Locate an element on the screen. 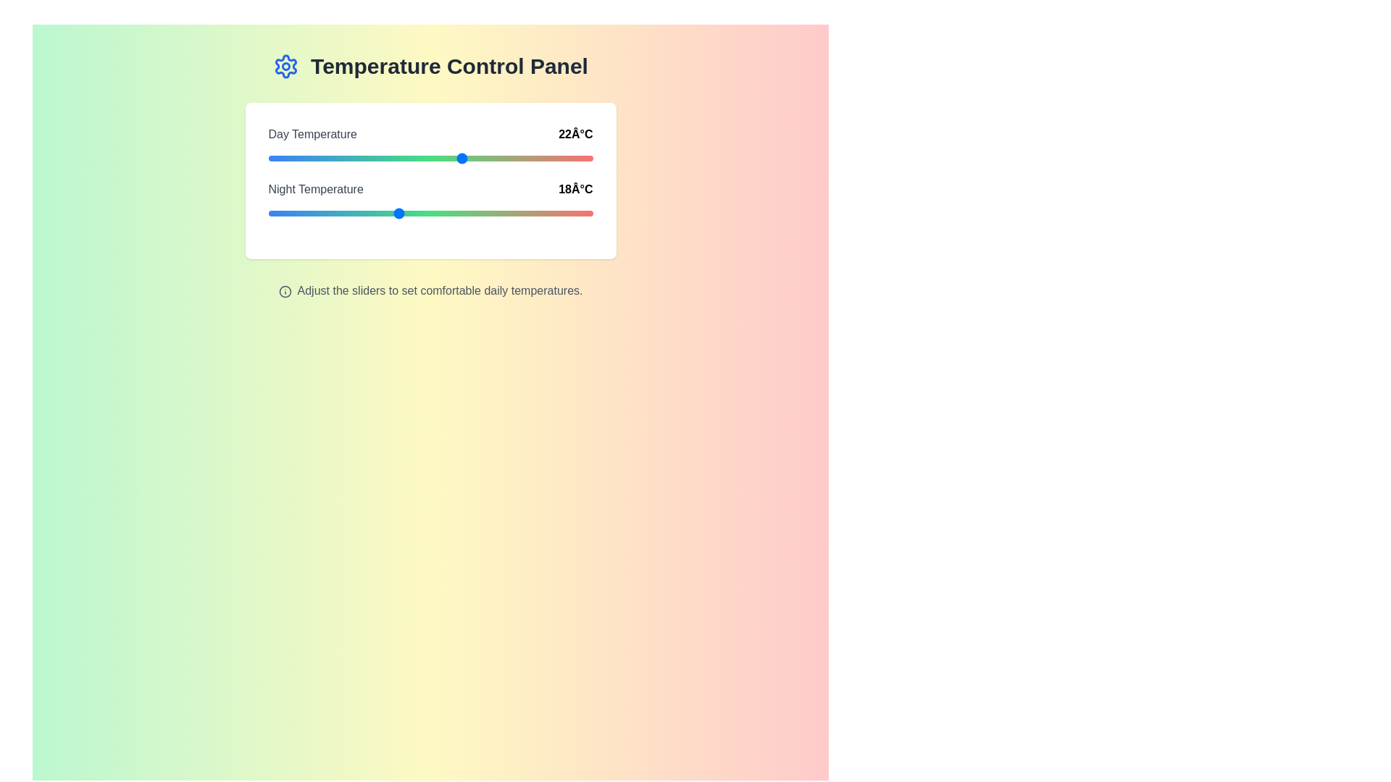 The image size is (1391, 782). the settings icon located at the top-left corner of the component is located at coordinates (286, 67).